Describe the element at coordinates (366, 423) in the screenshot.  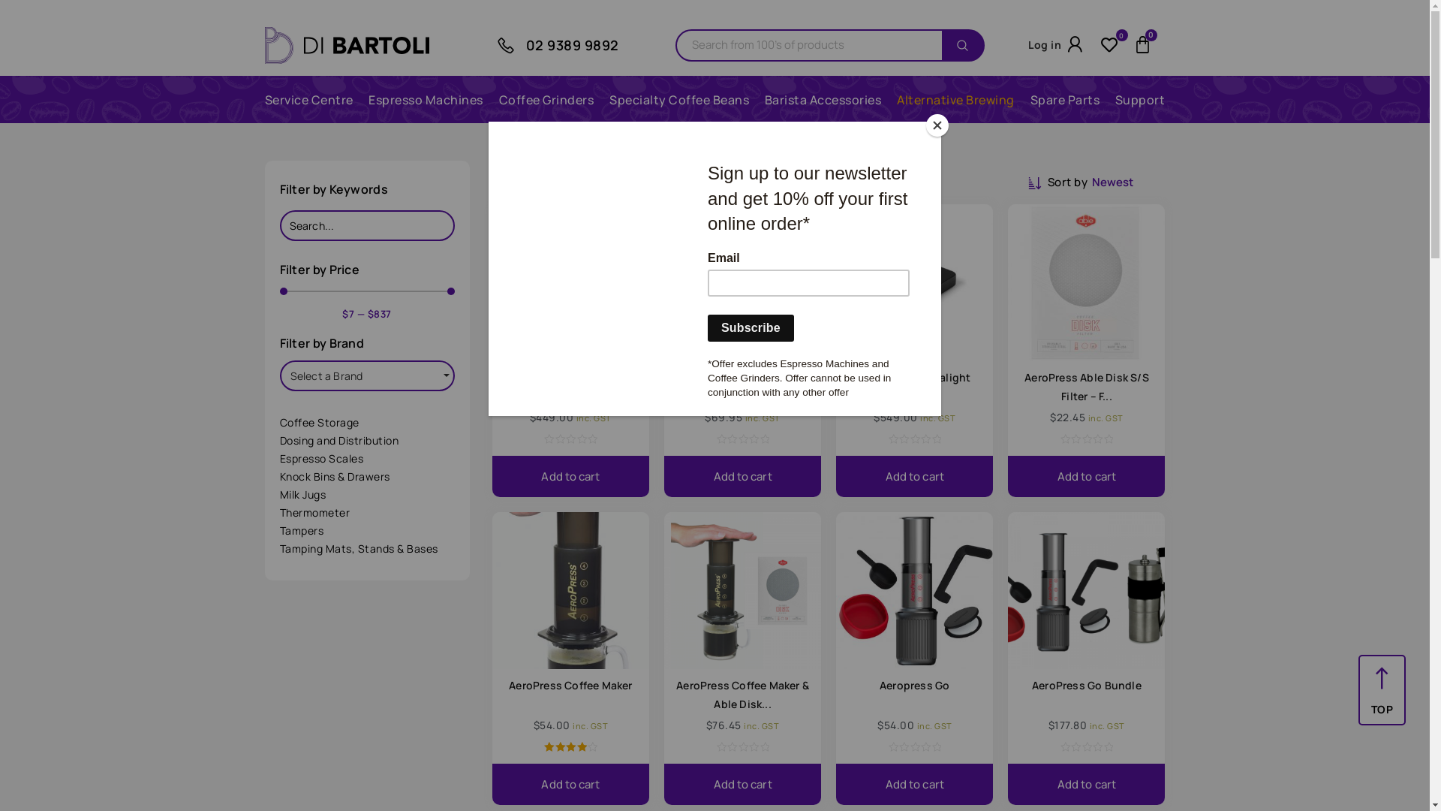
I see `'Coffee Storage'` at that location.